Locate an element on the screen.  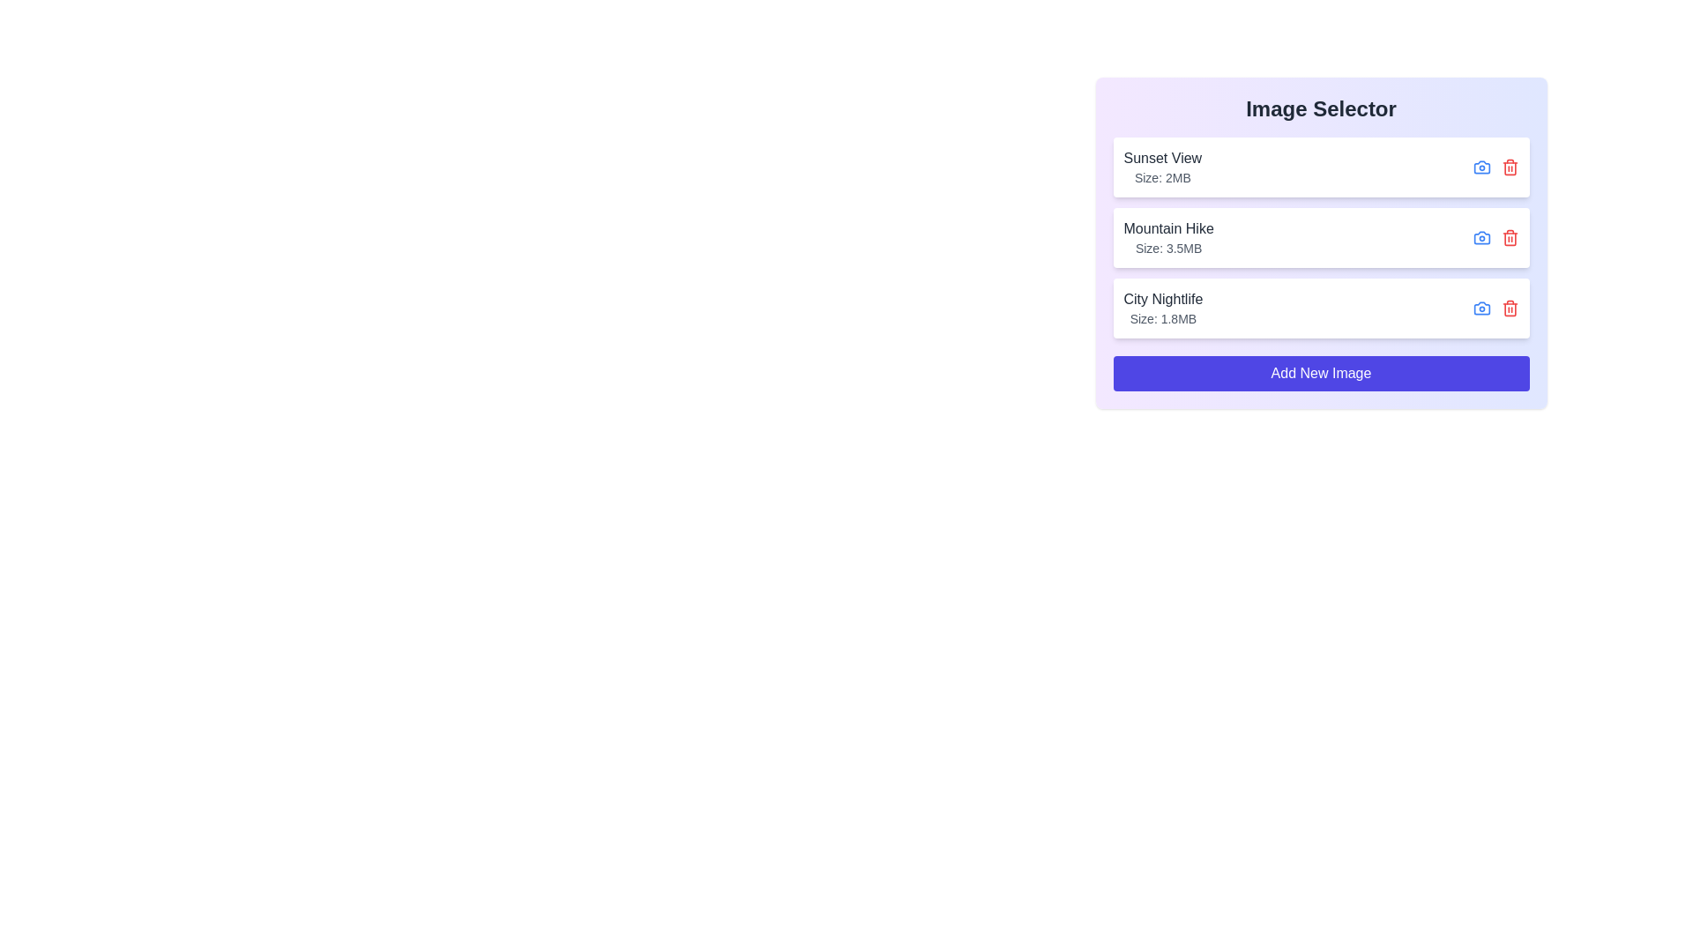
the camera icon for Sunset View to view the image is located at coordinates (1481, 167).